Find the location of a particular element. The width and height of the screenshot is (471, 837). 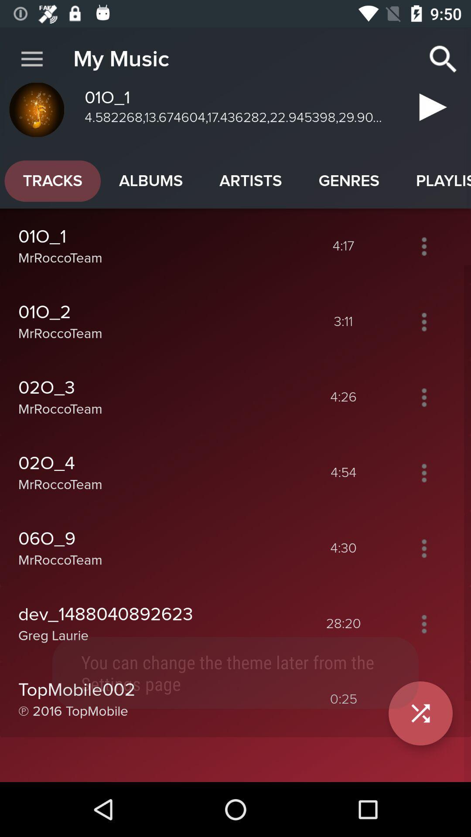

shuffle tracks is located at coordinates (423, 699).